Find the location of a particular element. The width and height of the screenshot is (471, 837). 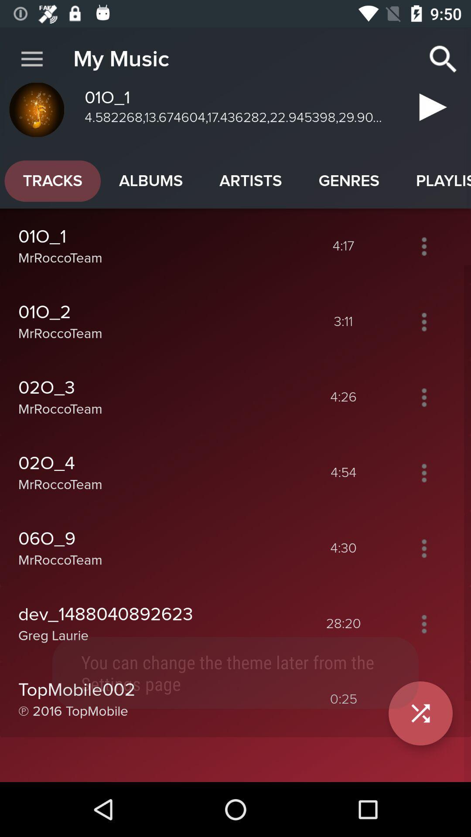

shuffle tracks is located at coordinates (423, 699).